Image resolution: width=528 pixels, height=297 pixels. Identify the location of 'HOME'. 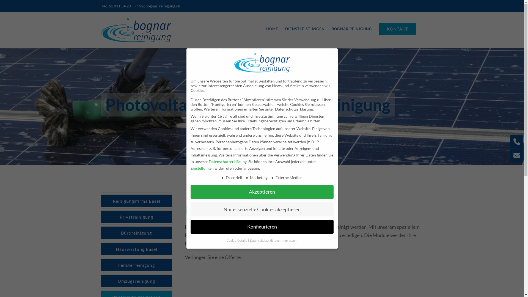
(272, 29).